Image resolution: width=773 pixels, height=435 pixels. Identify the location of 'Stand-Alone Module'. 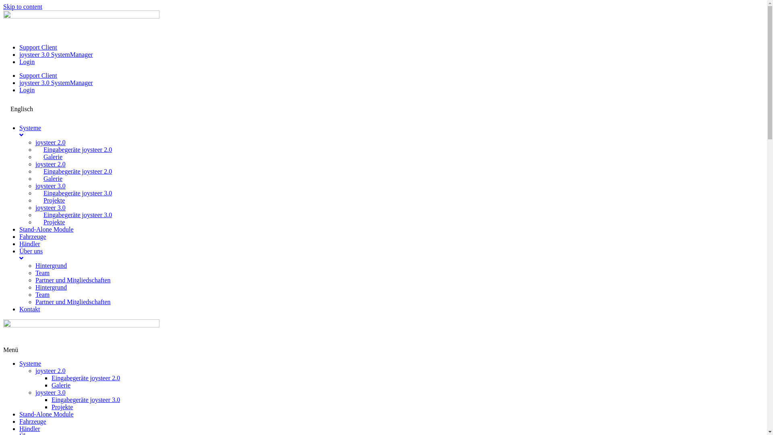
(19, 414).